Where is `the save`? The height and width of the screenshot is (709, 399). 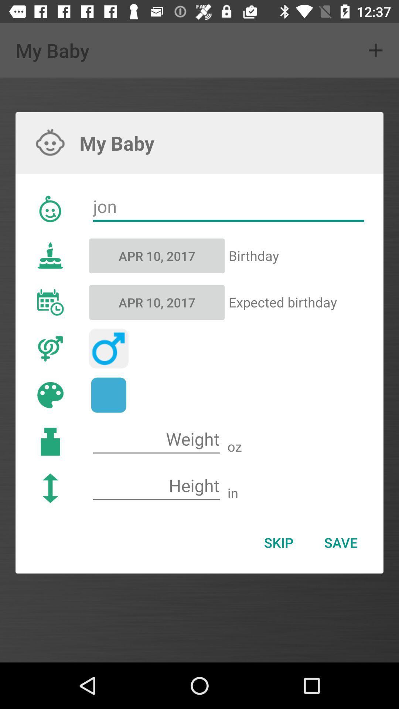 the save is located at coordinates (341, 542).